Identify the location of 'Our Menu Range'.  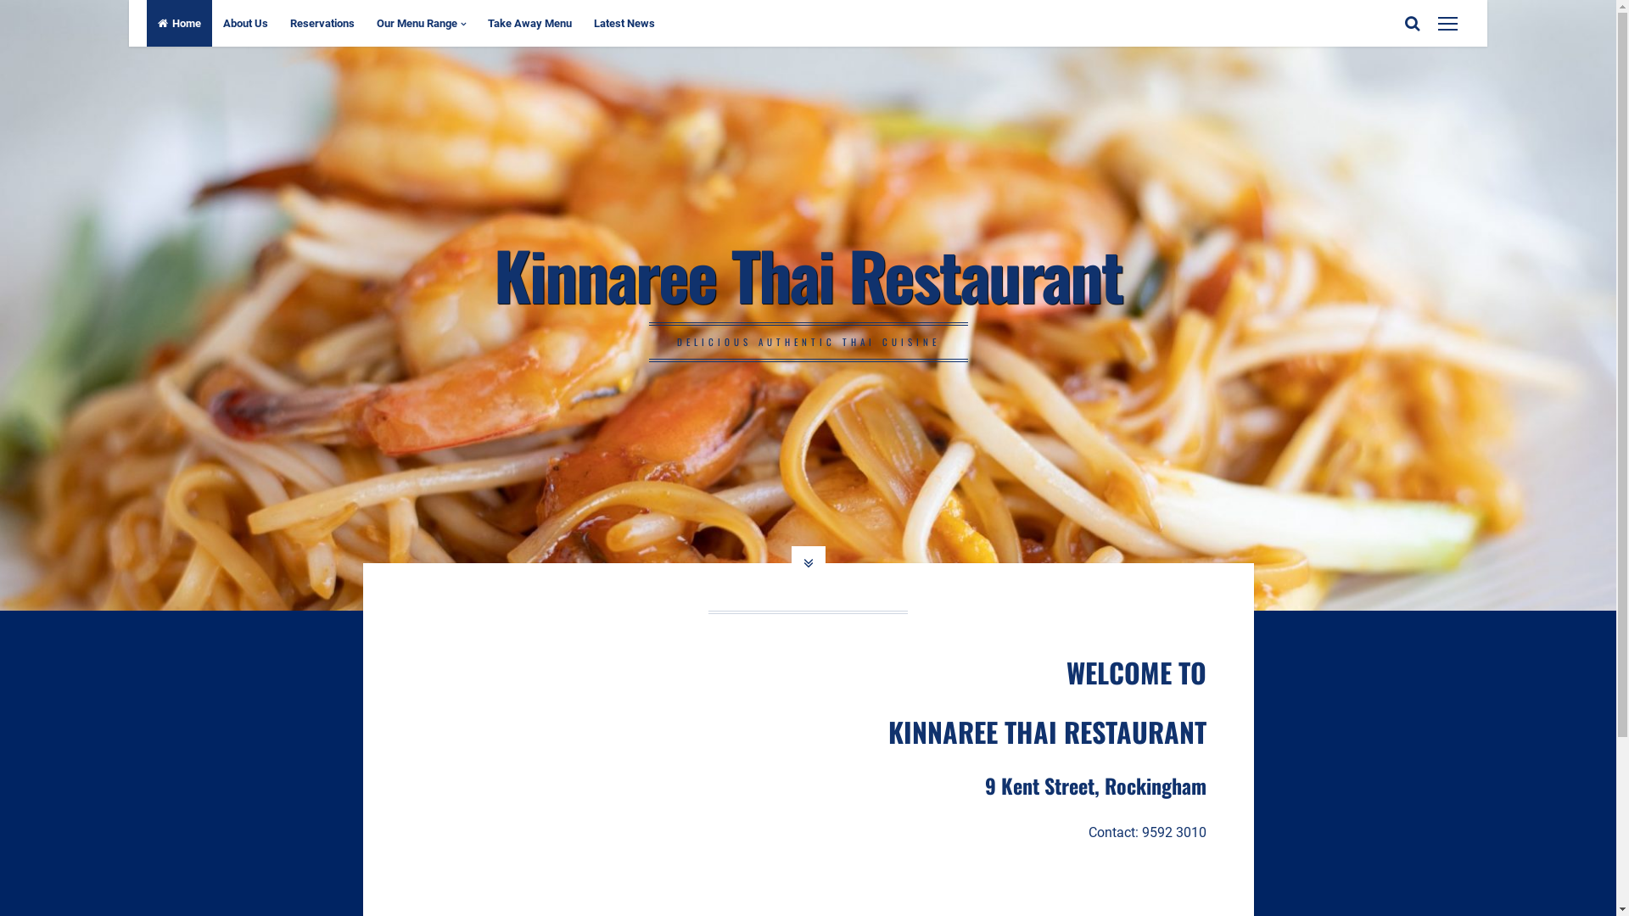
(421, 23).